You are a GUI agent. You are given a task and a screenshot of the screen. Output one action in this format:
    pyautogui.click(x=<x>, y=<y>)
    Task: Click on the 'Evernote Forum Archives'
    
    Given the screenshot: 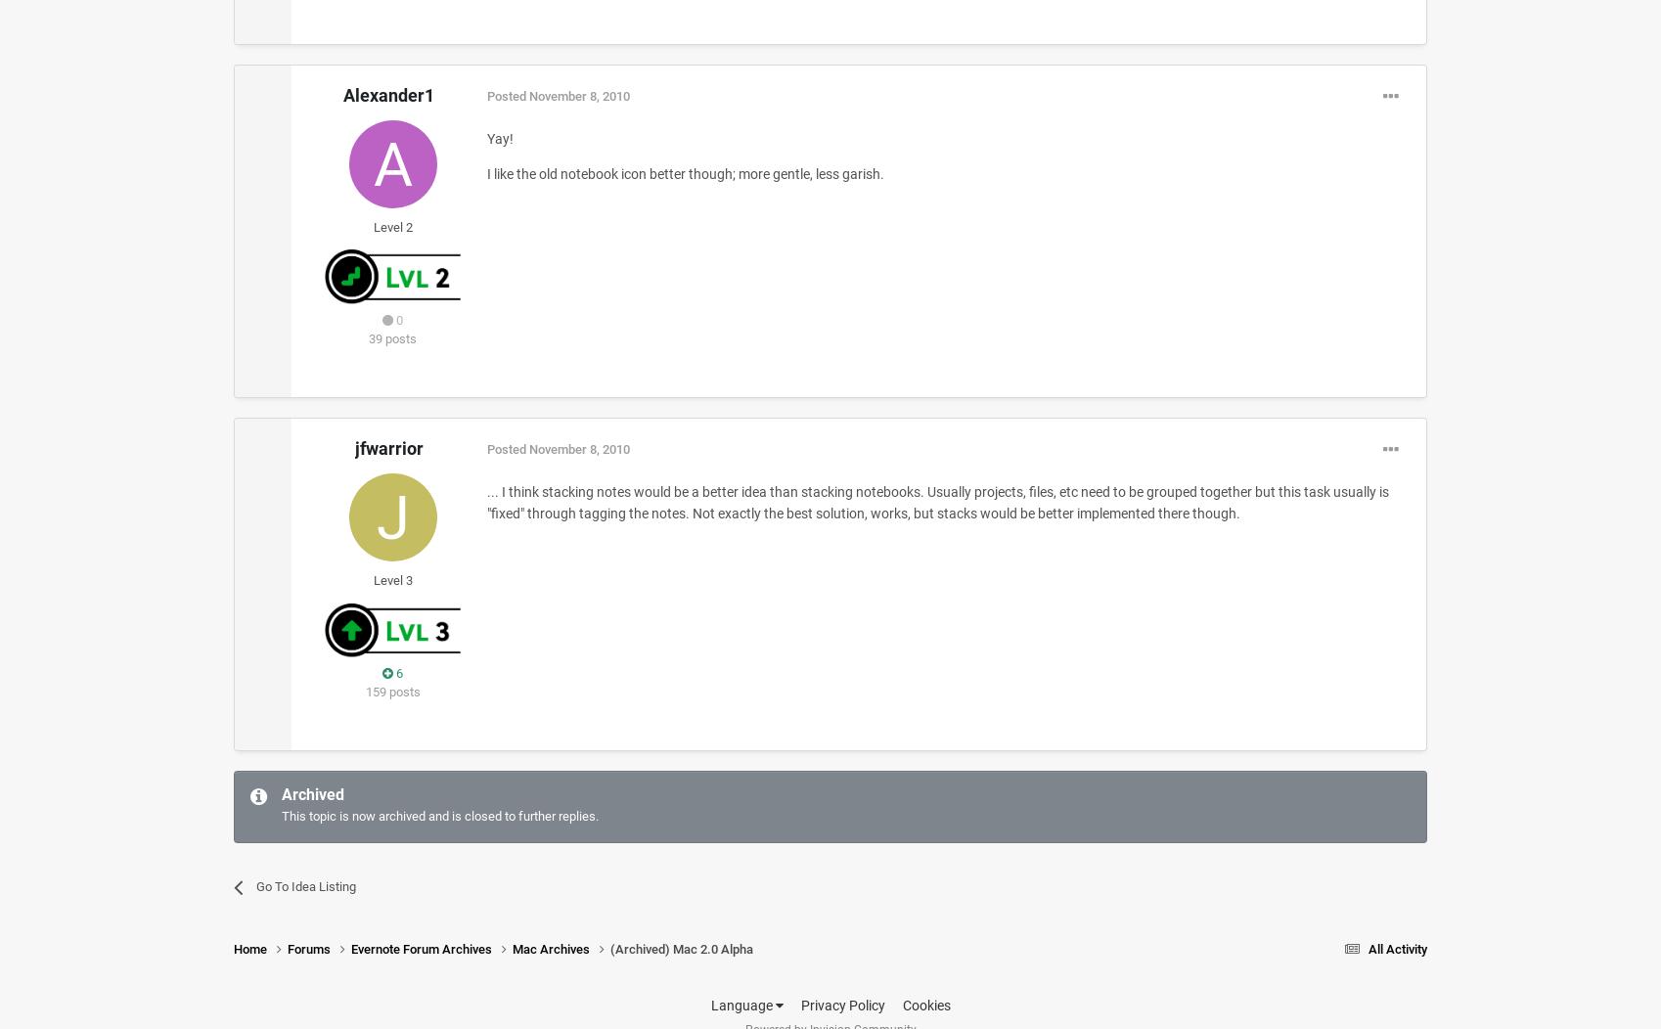 What is the action you would take?
    pyautogui.click(x=422, y=949)
    